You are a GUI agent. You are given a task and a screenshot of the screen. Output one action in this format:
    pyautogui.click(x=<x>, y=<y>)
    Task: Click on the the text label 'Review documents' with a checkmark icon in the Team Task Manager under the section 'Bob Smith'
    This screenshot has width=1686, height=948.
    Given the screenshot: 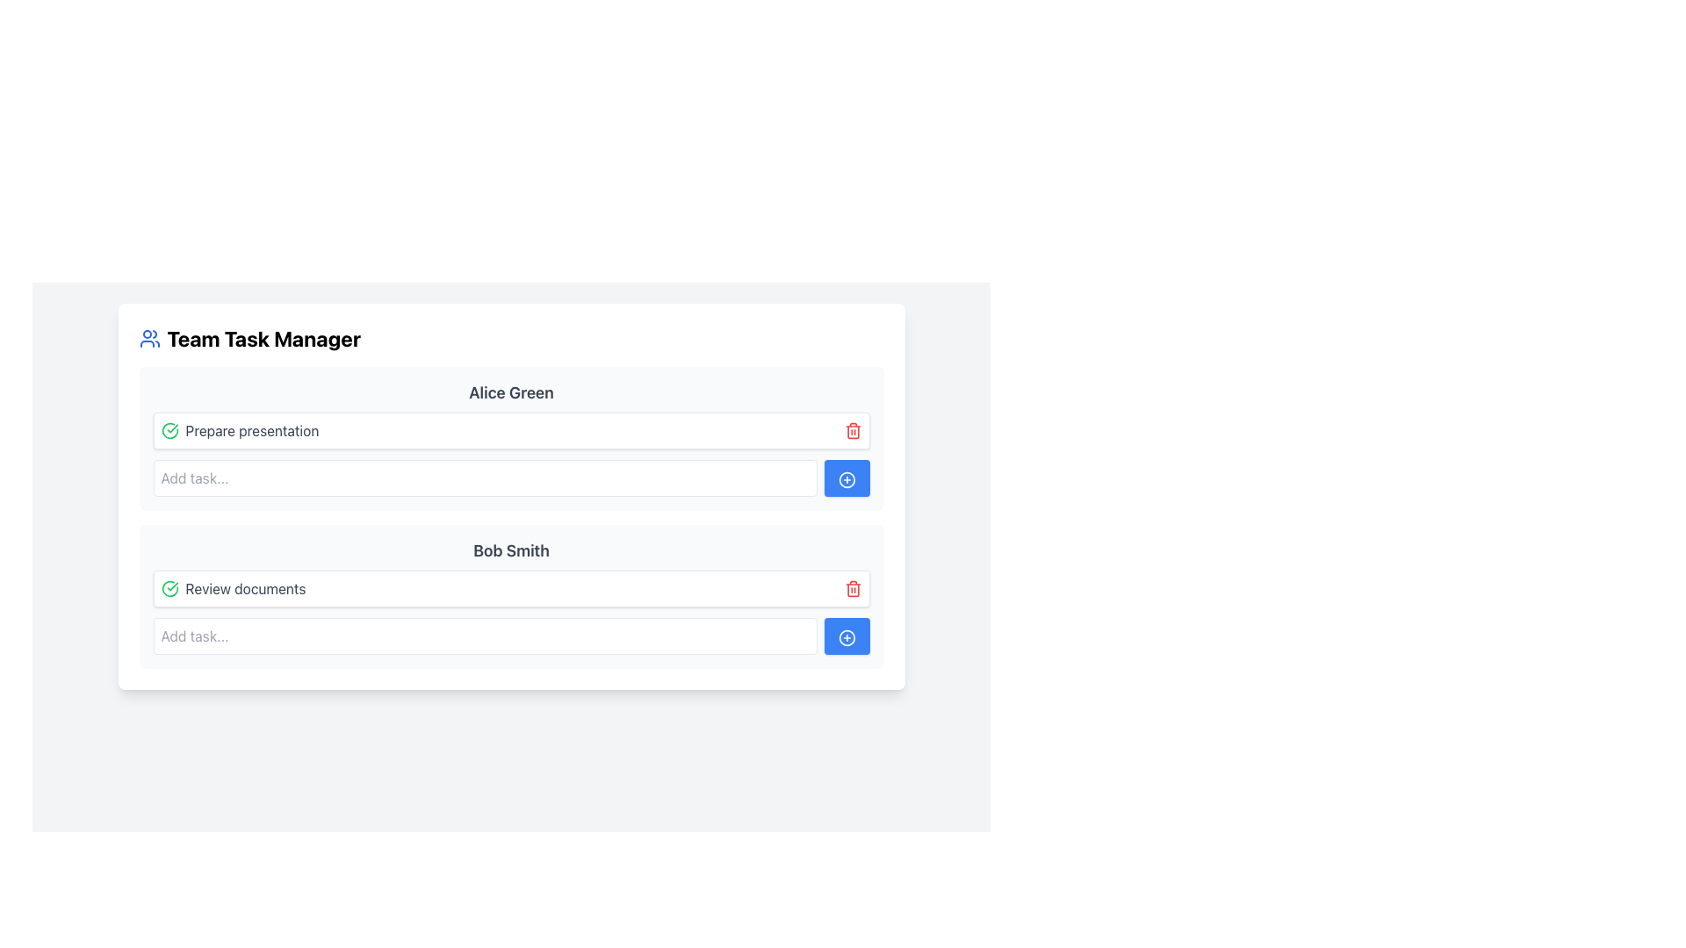 What is the action you would take?
    pyautogui.click(x=232, y=589)
    